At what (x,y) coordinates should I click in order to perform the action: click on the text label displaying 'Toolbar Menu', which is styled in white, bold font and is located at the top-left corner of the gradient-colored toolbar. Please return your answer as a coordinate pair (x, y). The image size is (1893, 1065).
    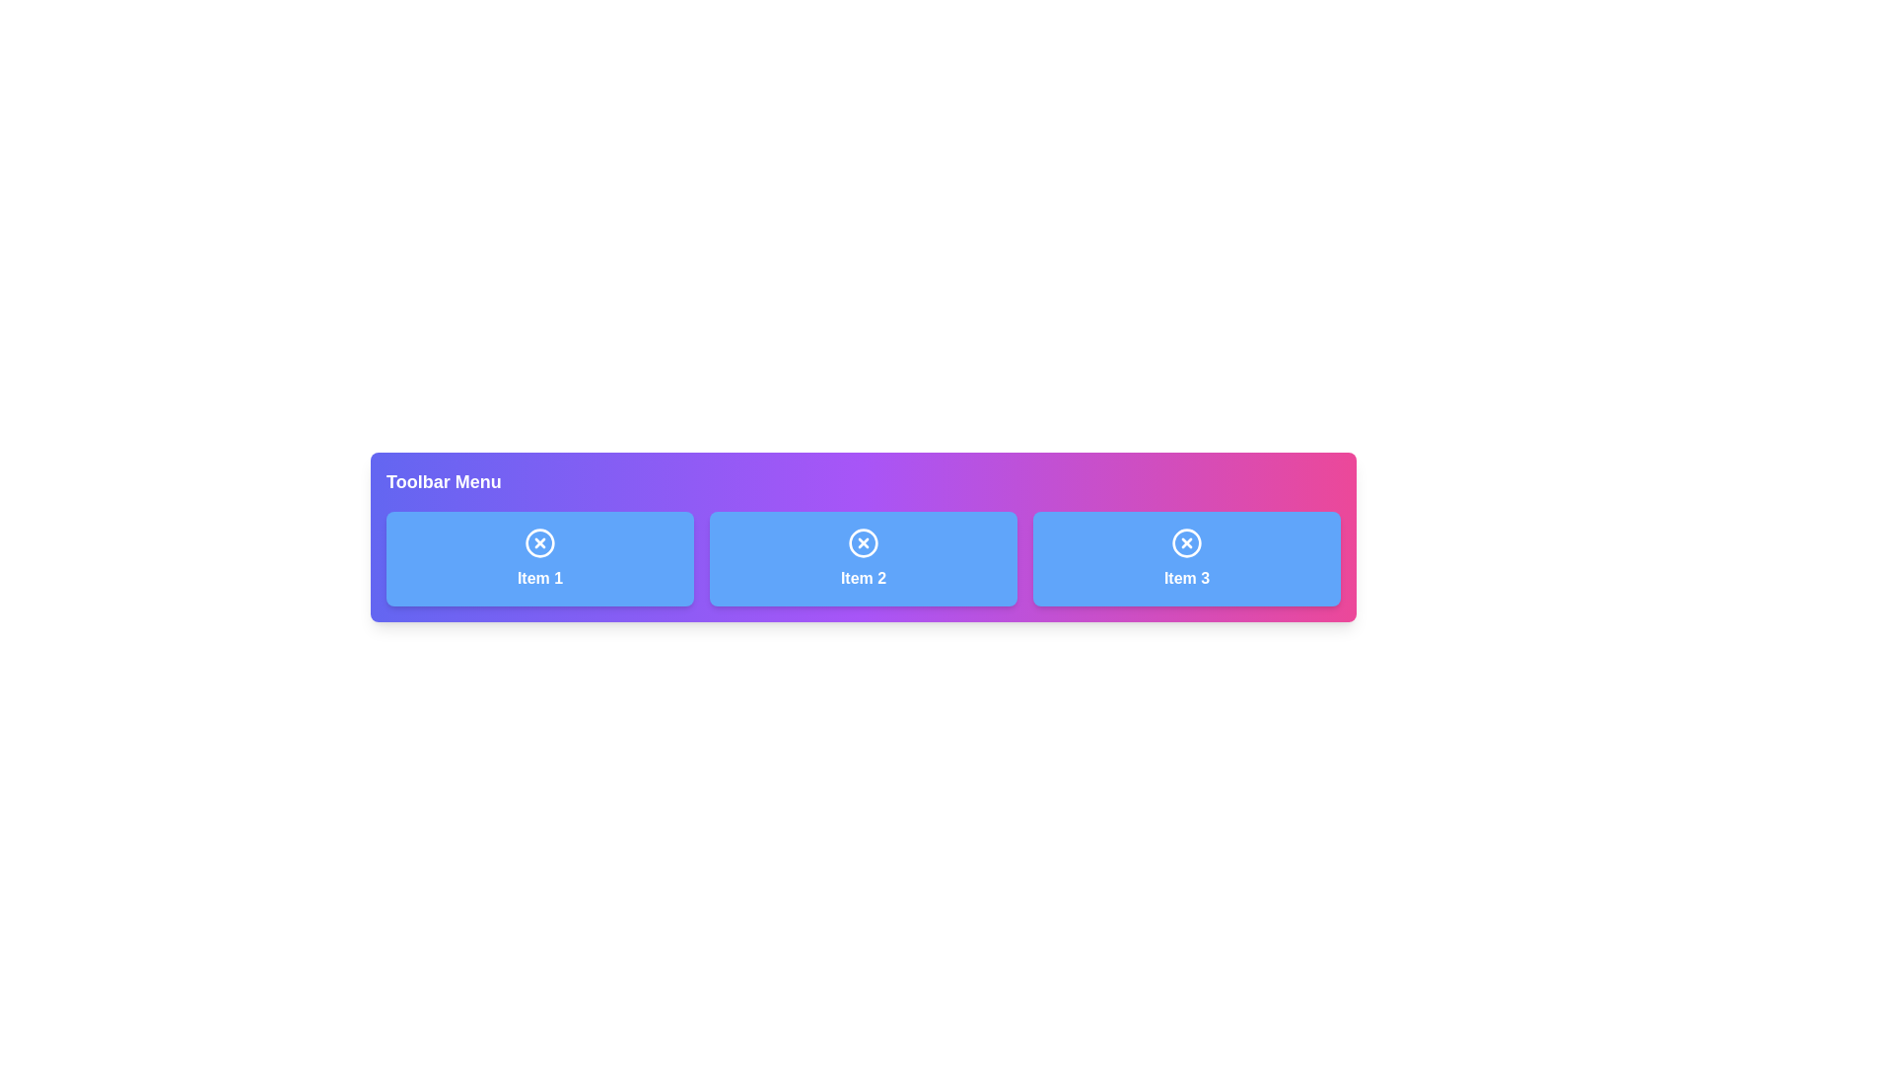
    Looking at the image, I should click on (443, 482).